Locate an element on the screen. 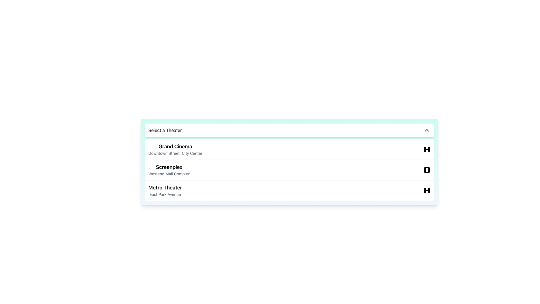 This screenshot has width=540, height=304. the 'Grand Cinema' dropdown option in the 'Select a Theater' menu is located at coordinates (289, 149).